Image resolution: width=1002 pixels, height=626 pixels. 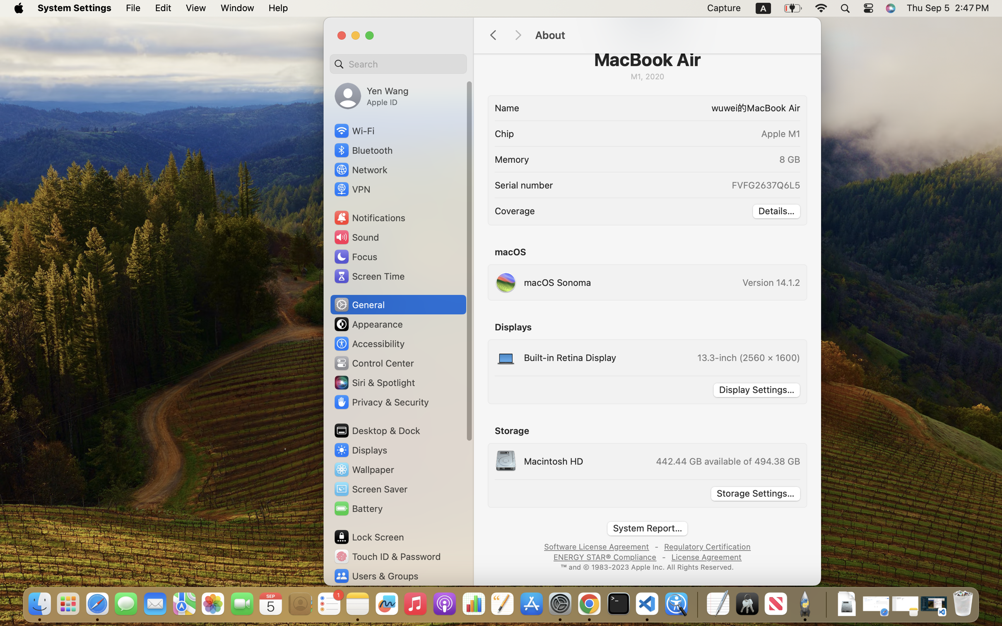 What do you see at coordinates (781, 133) in the screenshot?
I see `'Apple M1'` at bounding box center [781, 133].